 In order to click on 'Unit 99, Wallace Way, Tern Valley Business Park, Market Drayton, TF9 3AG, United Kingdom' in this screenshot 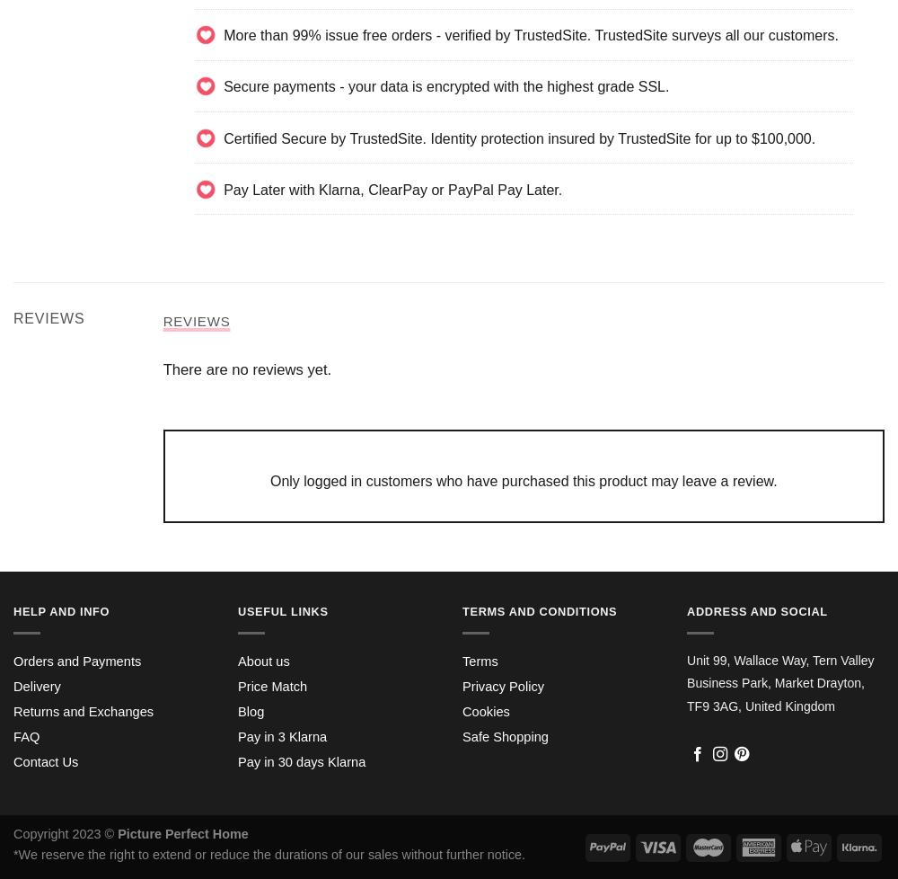, I will do `click(687, 681)`.